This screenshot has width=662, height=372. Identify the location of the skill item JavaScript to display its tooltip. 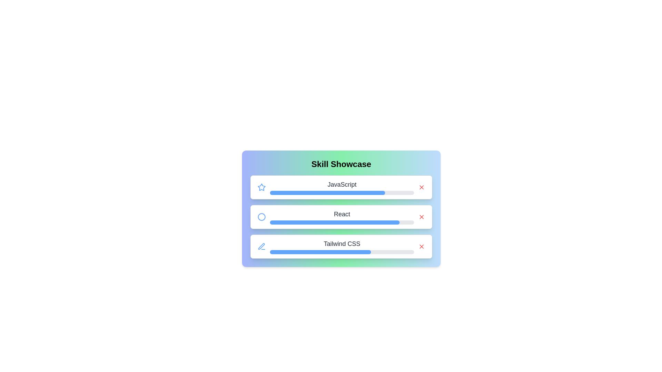
(341, 187).